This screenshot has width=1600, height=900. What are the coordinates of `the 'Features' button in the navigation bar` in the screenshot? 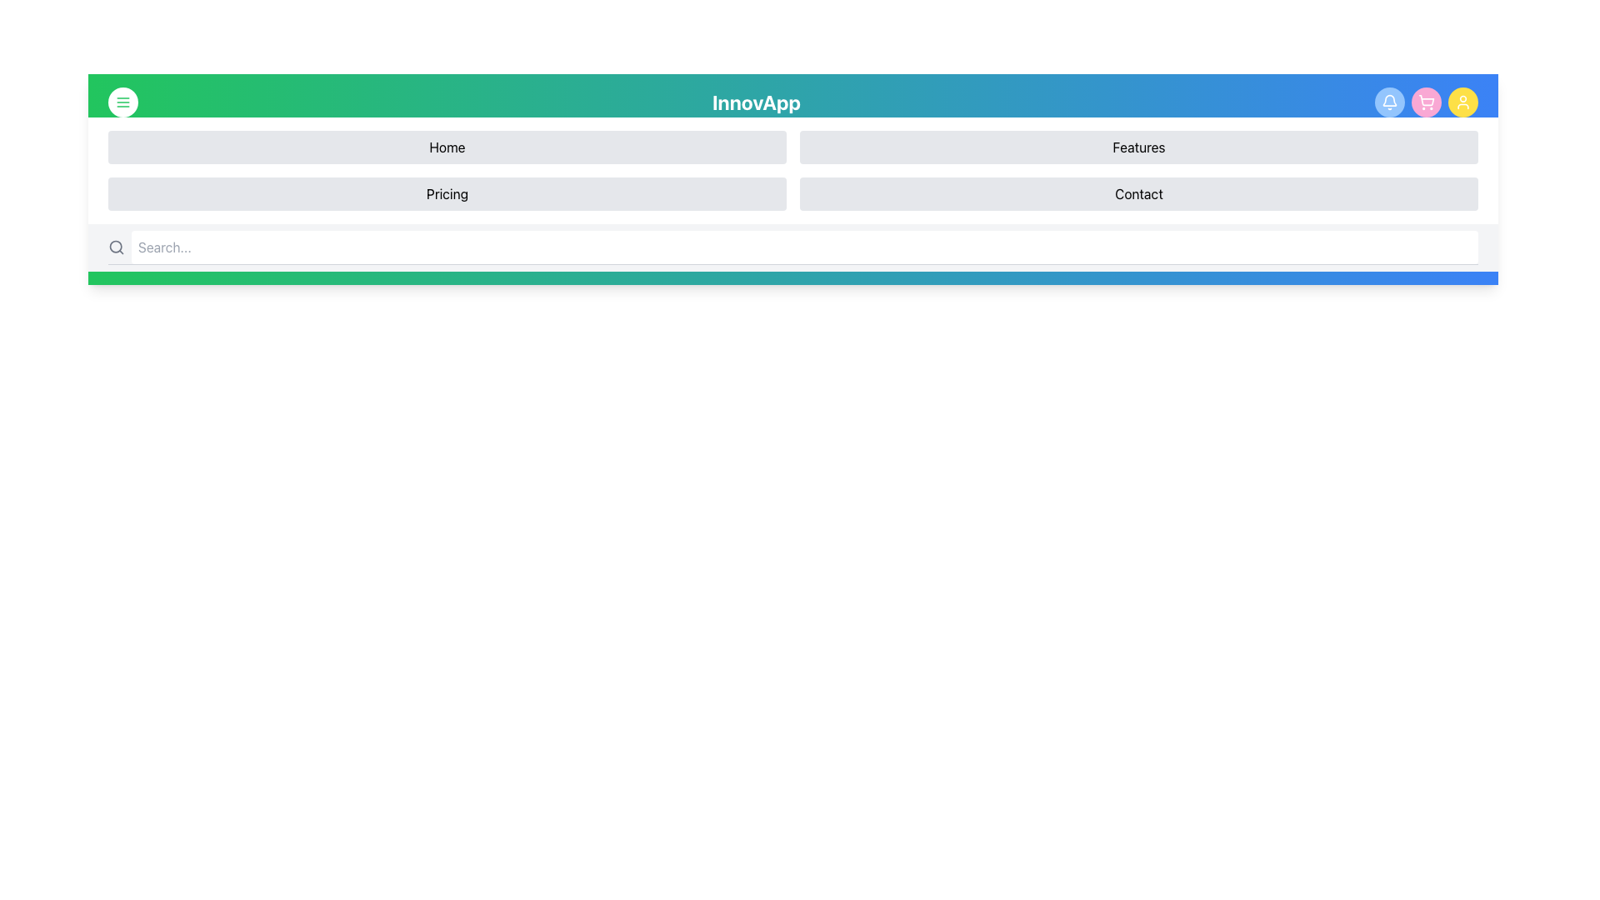 It's located at (1138, 147).